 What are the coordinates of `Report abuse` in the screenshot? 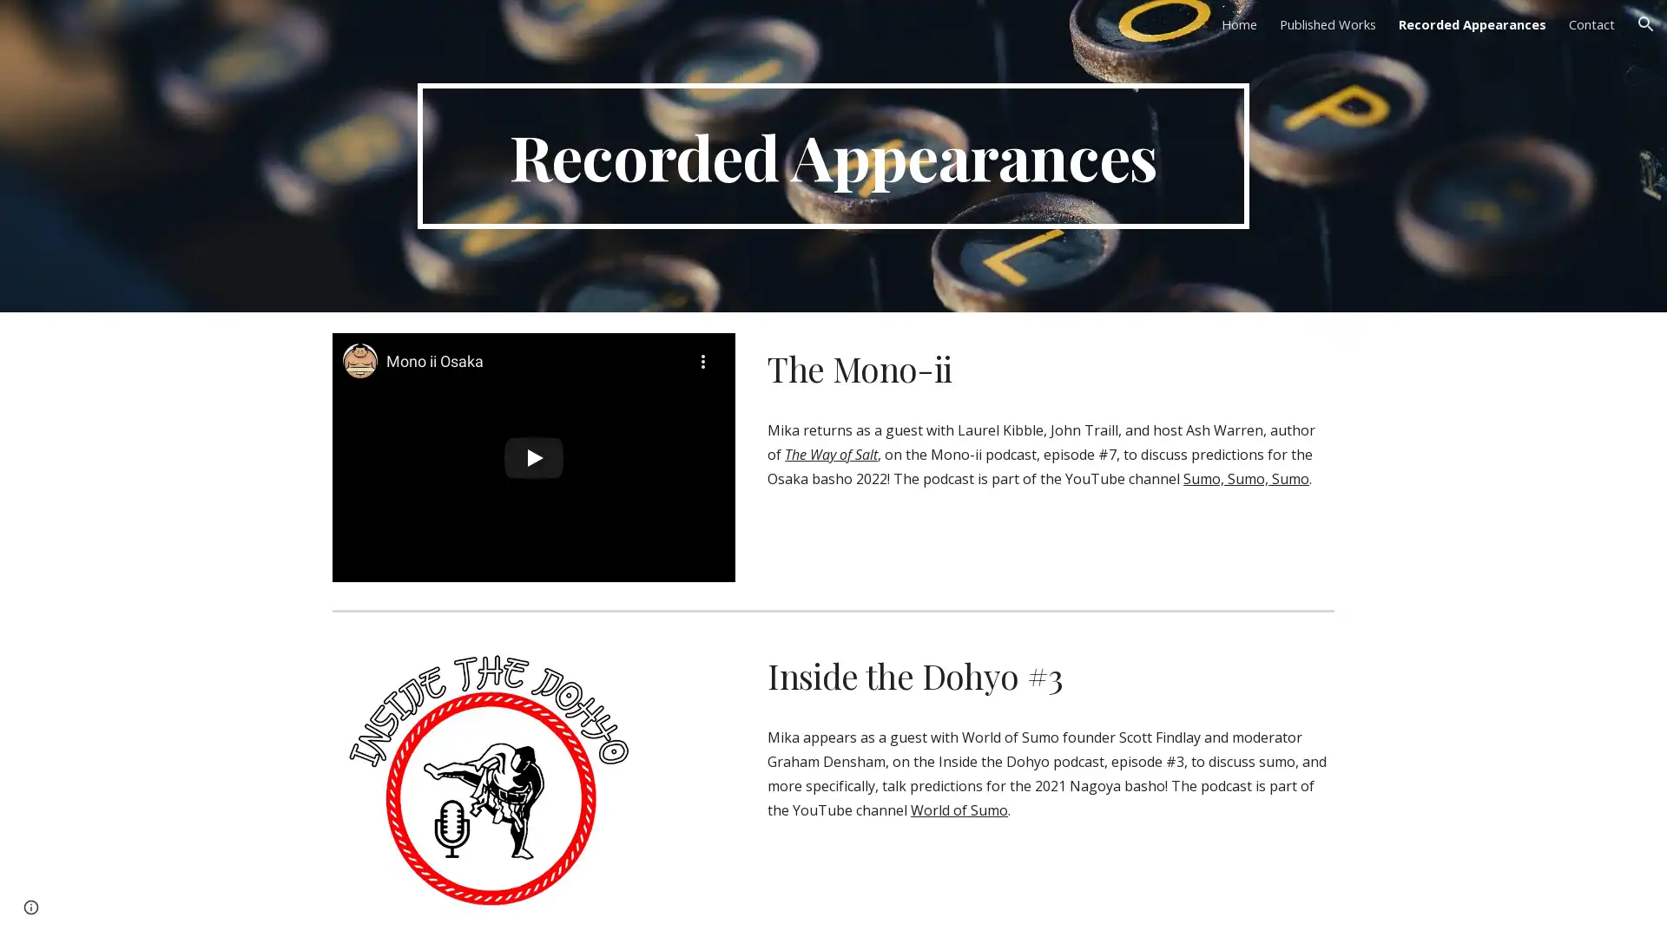 It's located at (159, 906).